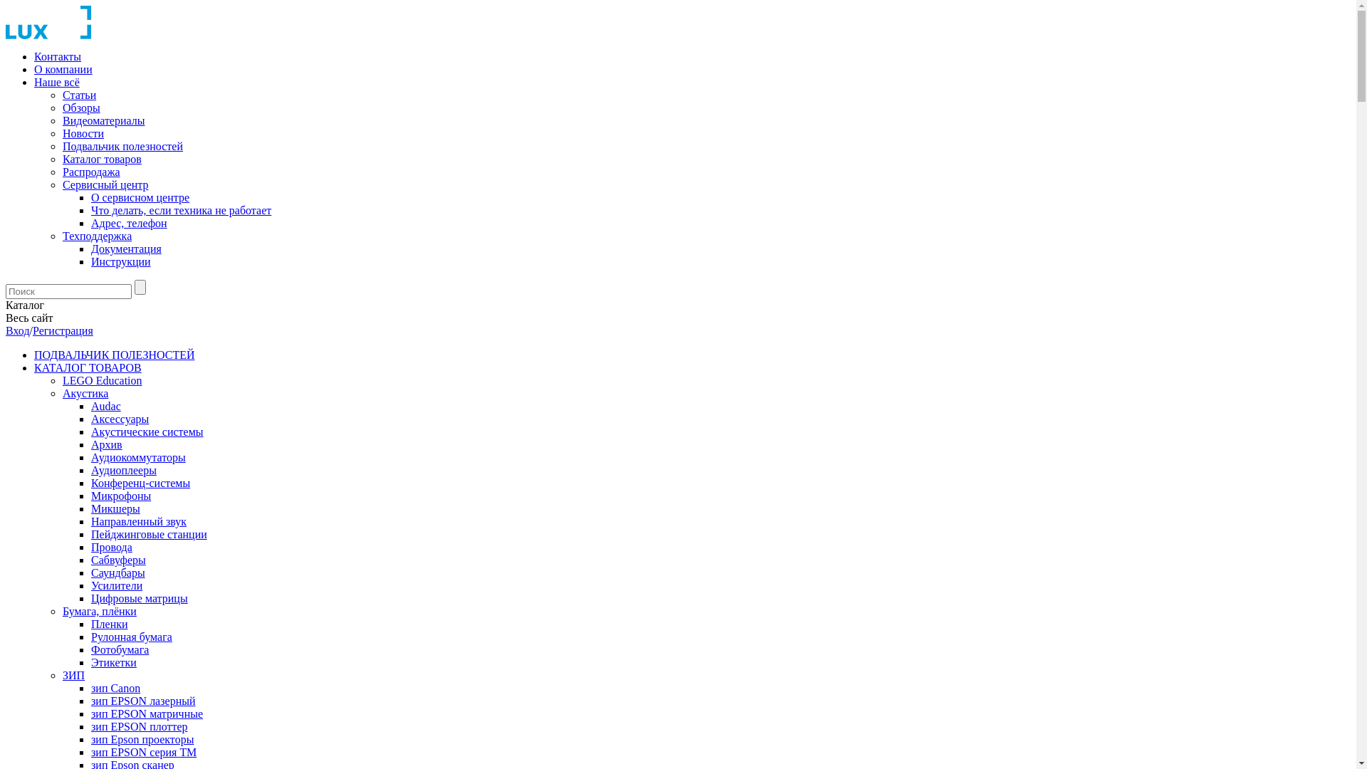 This screenshot has height=769, width=1367. Describe the element at coordinates (105, 406) in the screenshot. I see `'Audac'` at that location.